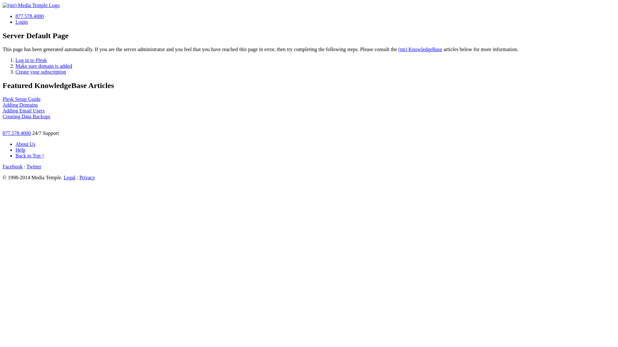 The width and height of the screenshot is (618, 347). What do you see at coordinates (12, 166) in the screenshot?
I see `'Facebook'` at bounding box center [12, 166].